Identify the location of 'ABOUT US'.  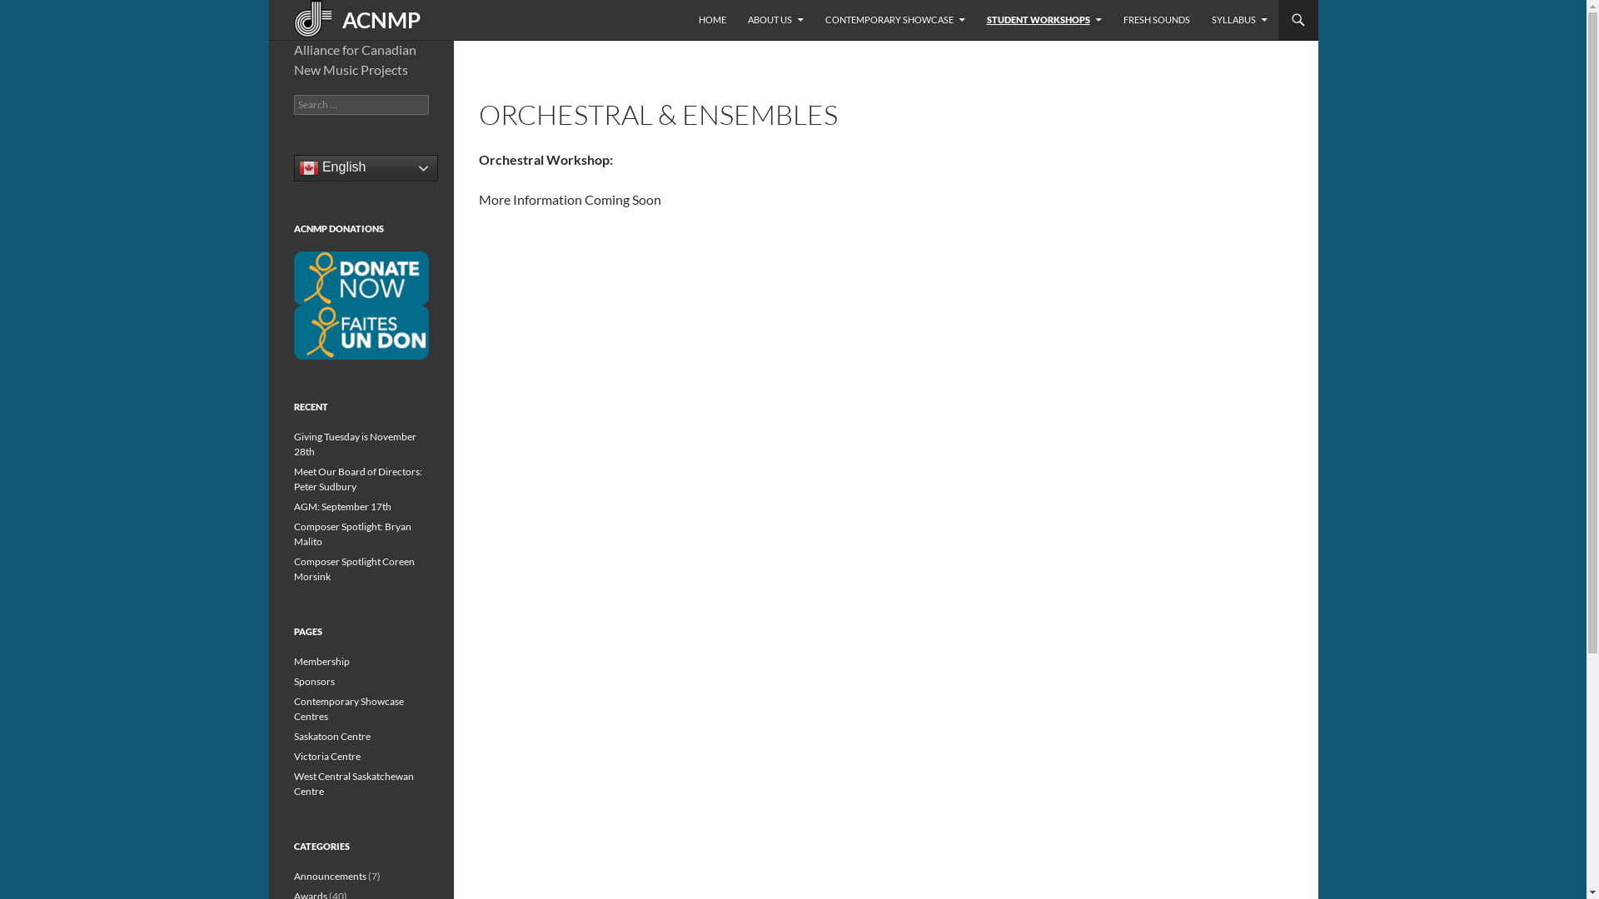
(775, 19).